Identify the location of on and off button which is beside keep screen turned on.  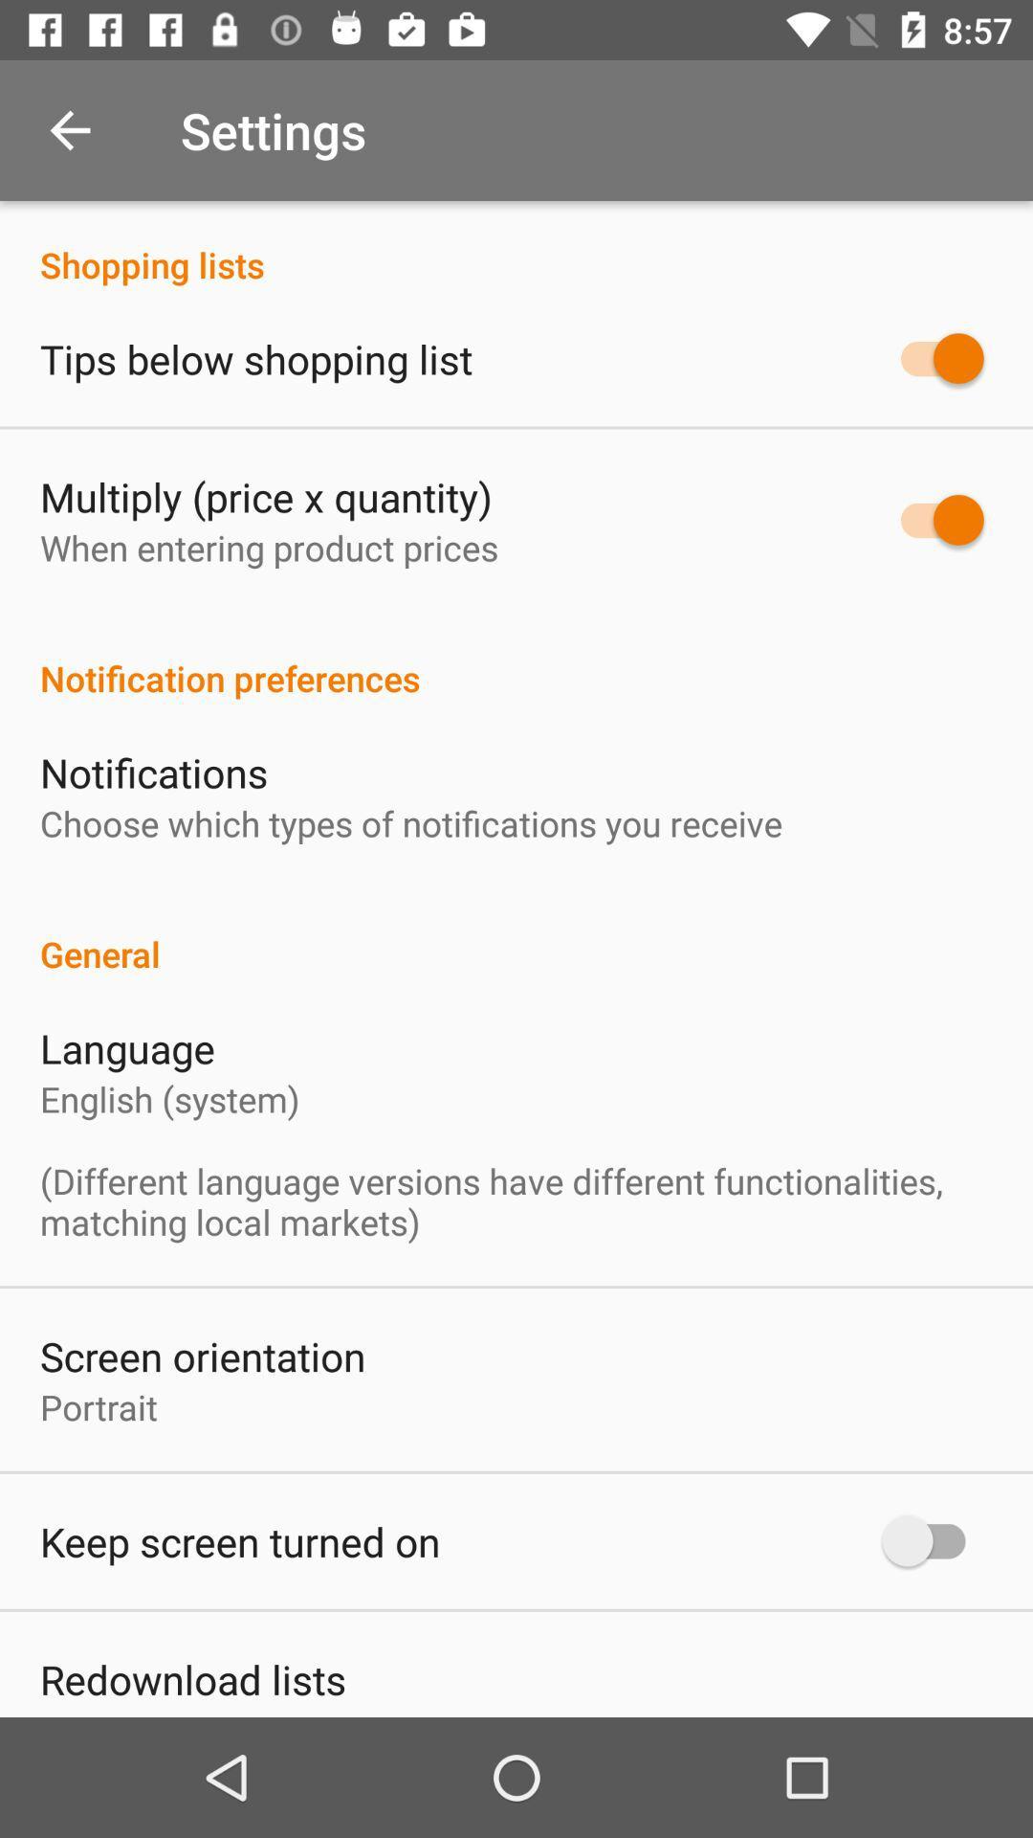
(932, 1540).